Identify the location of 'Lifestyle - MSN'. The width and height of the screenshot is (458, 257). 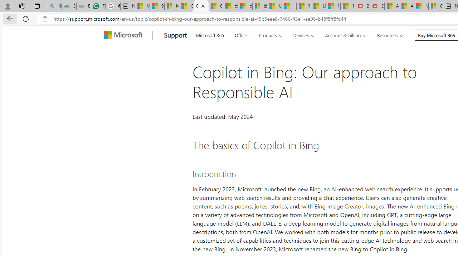
(318, 6).